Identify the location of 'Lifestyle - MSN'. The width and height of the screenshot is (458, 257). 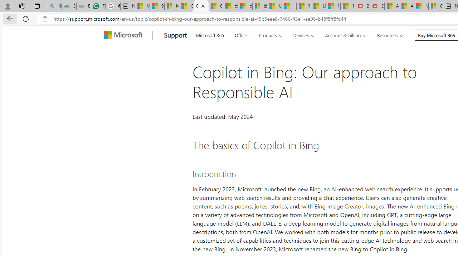
(318, 6).